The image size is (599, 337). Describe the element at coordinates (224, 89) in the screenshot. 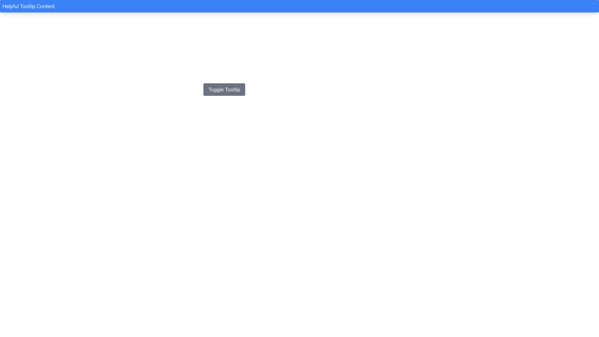

I see `the 'Toggle Tooltip' button, which is a rectangular button with rounded corners and a gray background, featuring white text` at that location.